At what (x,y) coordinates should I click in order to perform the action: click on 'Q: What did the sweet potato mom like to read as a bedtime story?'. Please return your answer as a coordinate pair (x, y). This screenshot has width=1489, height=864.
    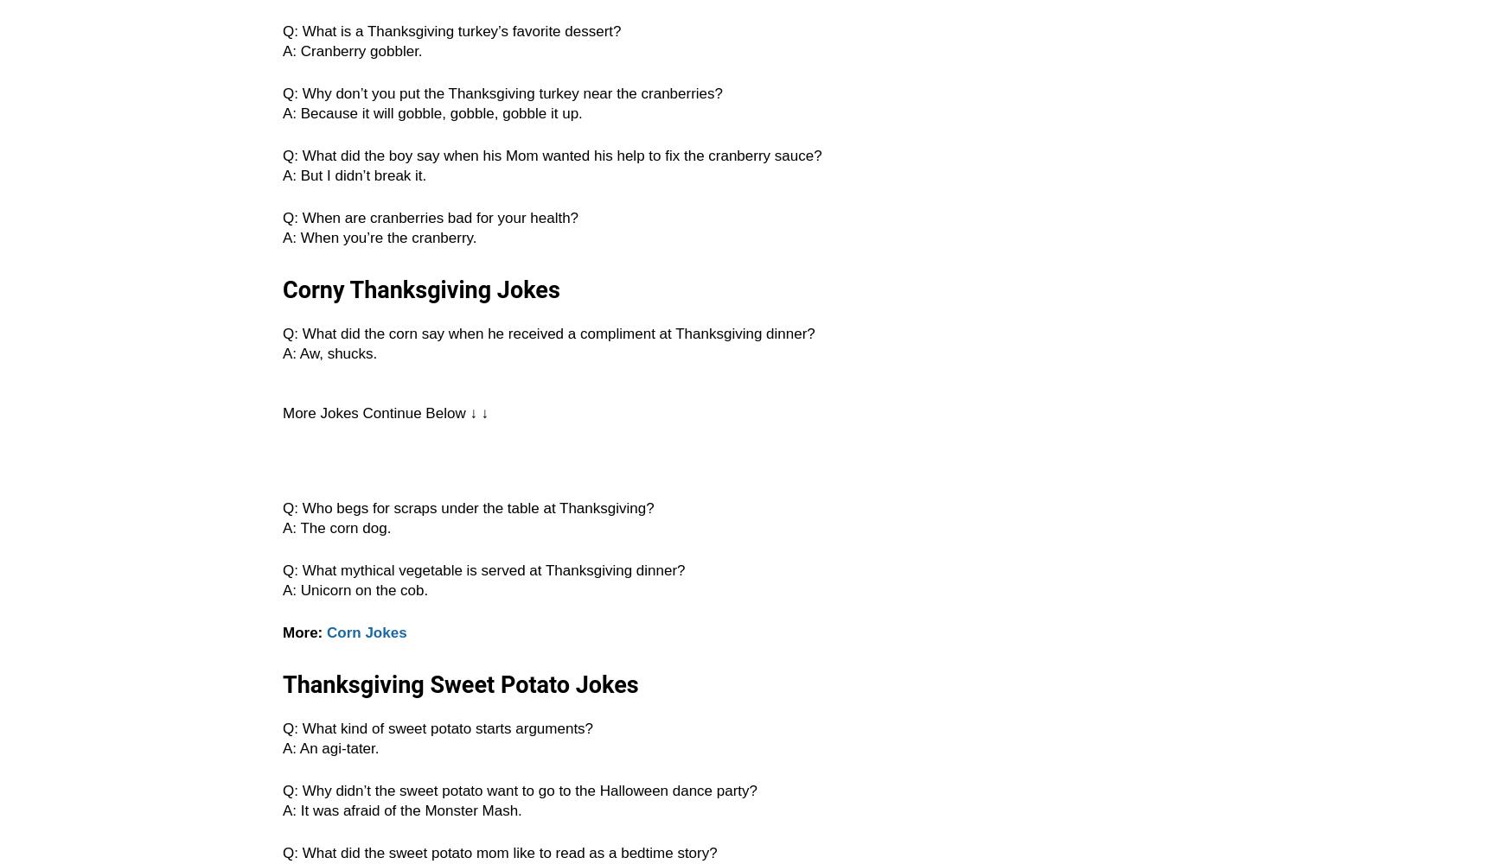
    Looking at the image, I should click on (499, 852).